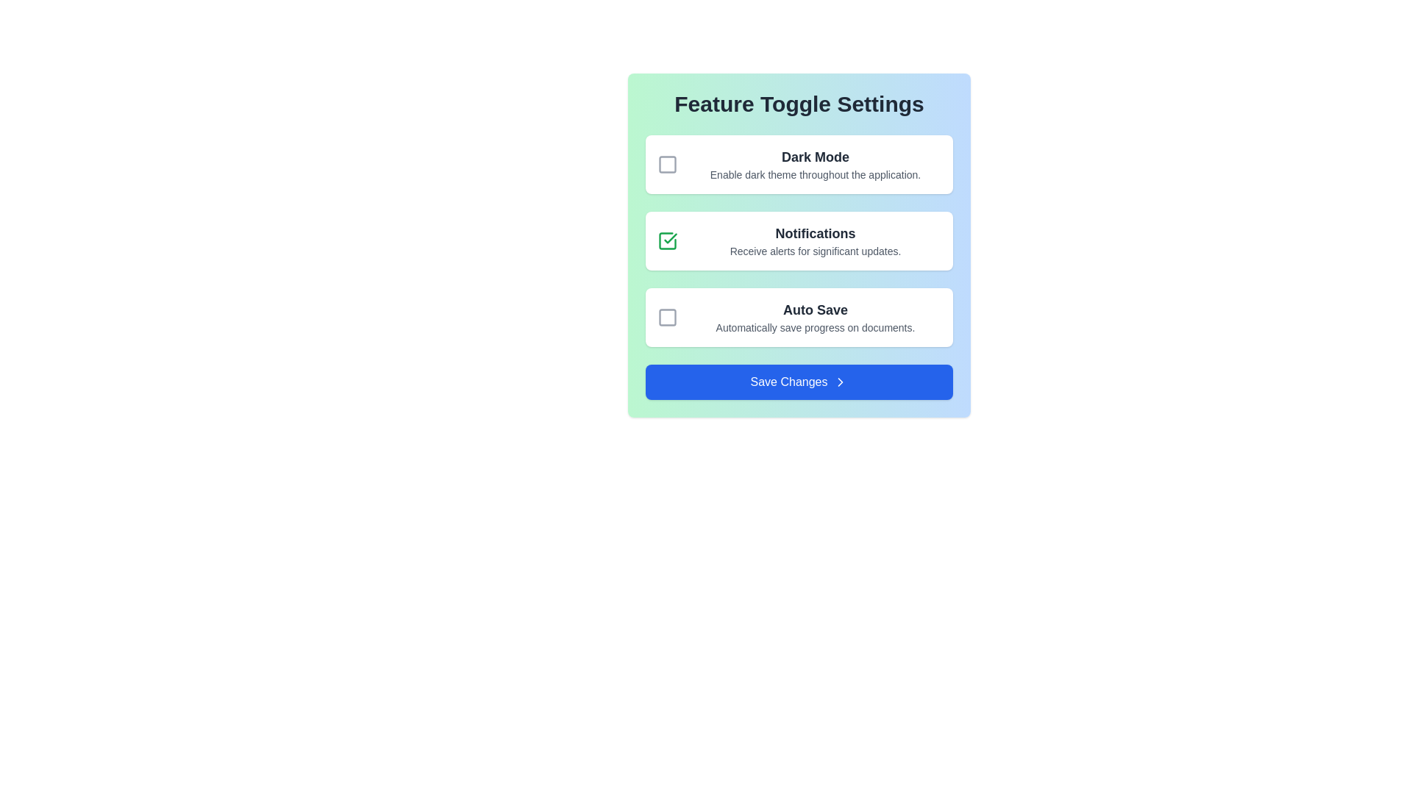  What do you see at coordinates (798, 245) in the screenshot?
I see `the toggles in the Settings panel by clicking on their checkboxes, located at the center of the panel with the title 'Feature Toggle Settings'` at bounding box center [798, 245].